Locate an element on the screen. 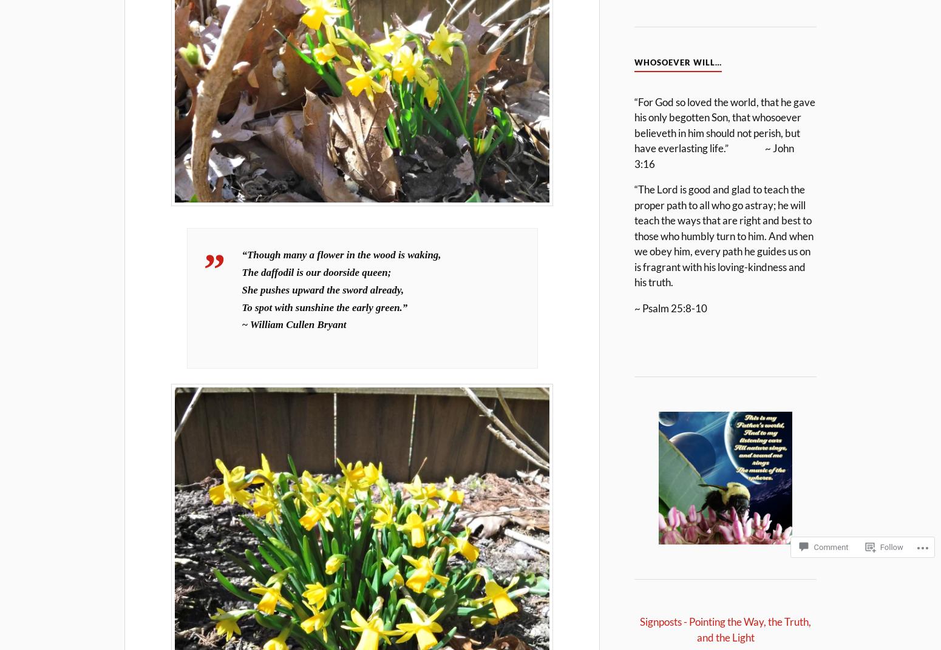 This screenshot has height=650, width=941. 'Whosoever Will…' is located at coordinates (634, 61).